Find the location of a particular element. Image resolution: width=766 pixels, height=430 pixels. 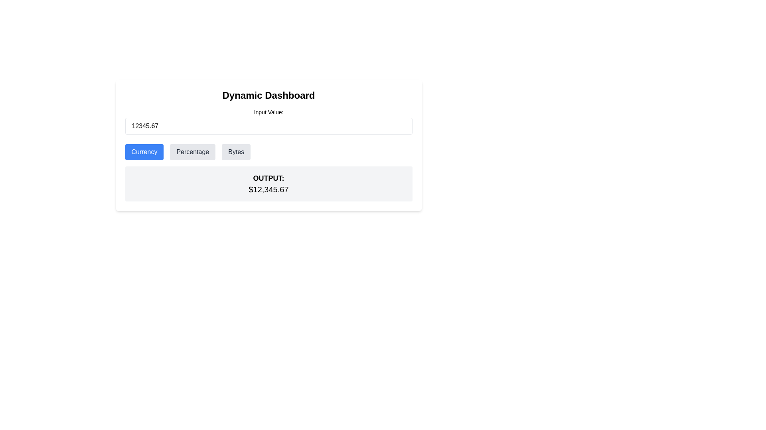

the number input field displaying '12345.67' to focus it is located at coordinates (268, 125).